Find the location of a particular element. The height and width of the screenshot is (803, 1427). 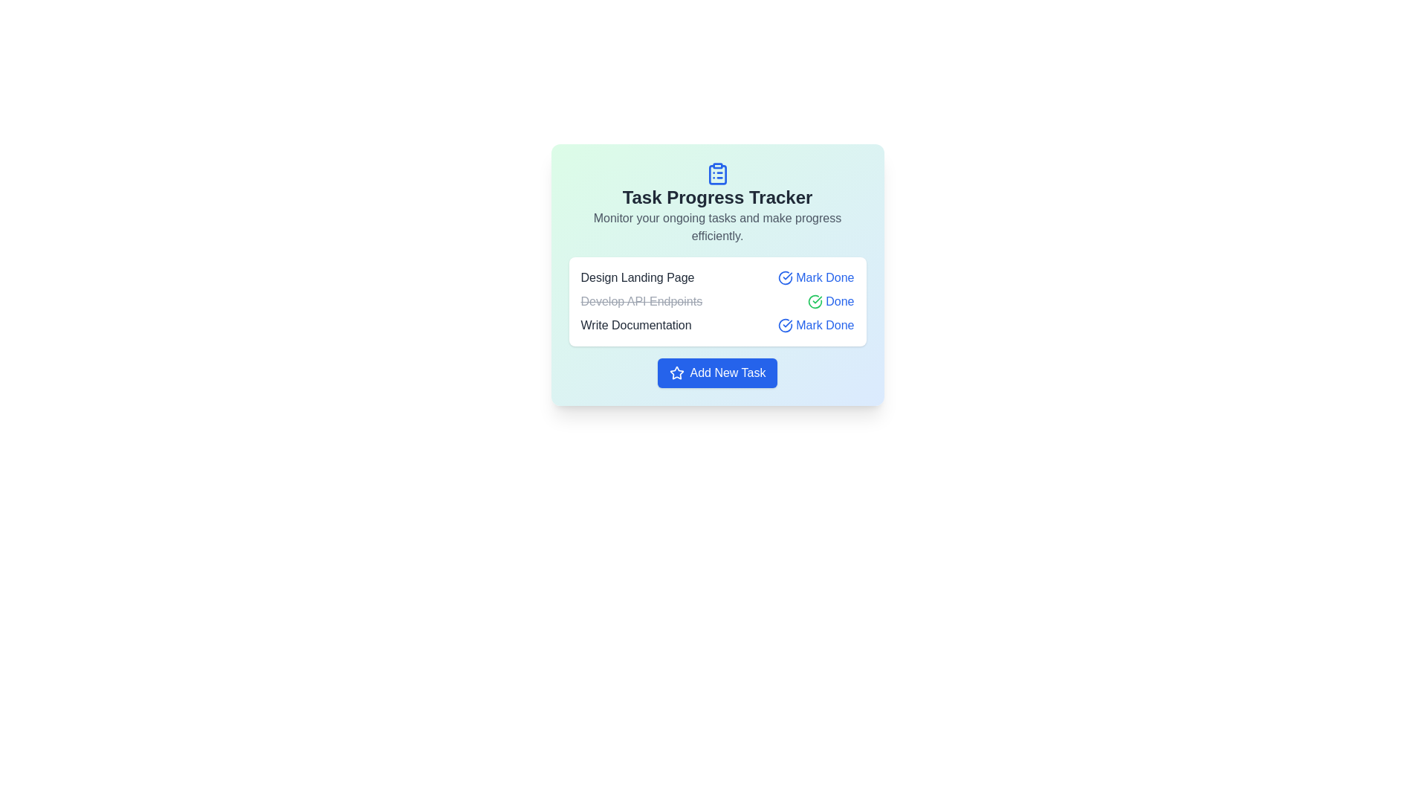

the button with a blue background and white text reading 'Add New Task' is located at coordinates (717, 372).